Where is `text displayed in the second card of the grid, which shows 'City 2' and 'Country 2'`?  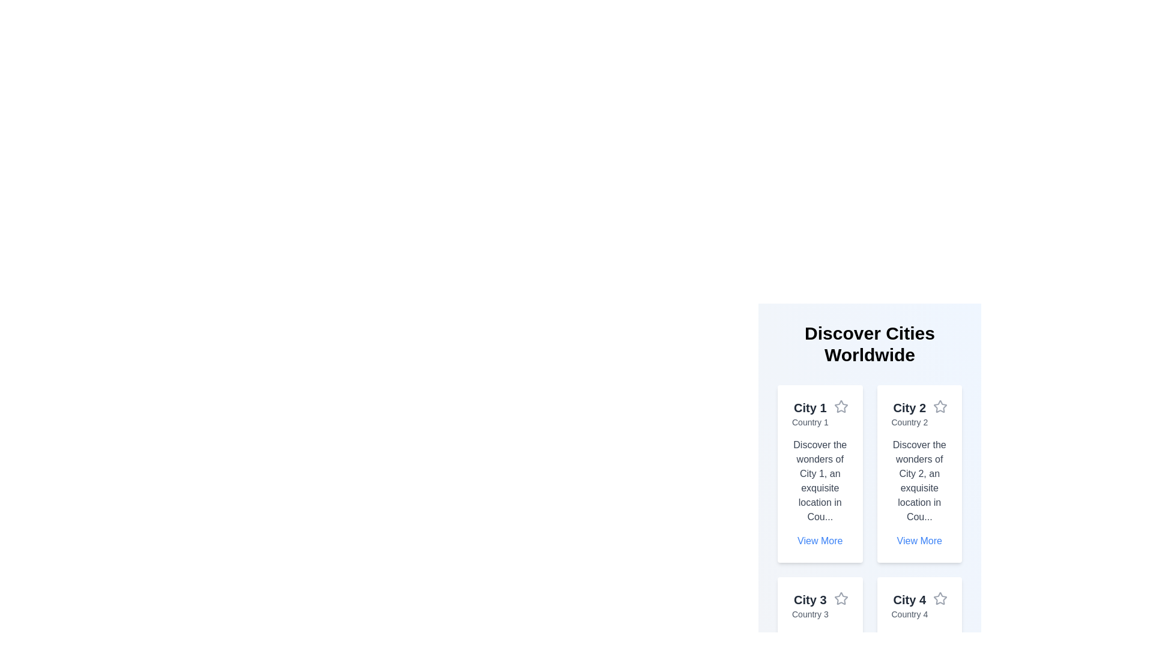
text displayed in the second card of the grid, which shows 'City 2' and 'Country 2' is located at coordinates (909, 413).